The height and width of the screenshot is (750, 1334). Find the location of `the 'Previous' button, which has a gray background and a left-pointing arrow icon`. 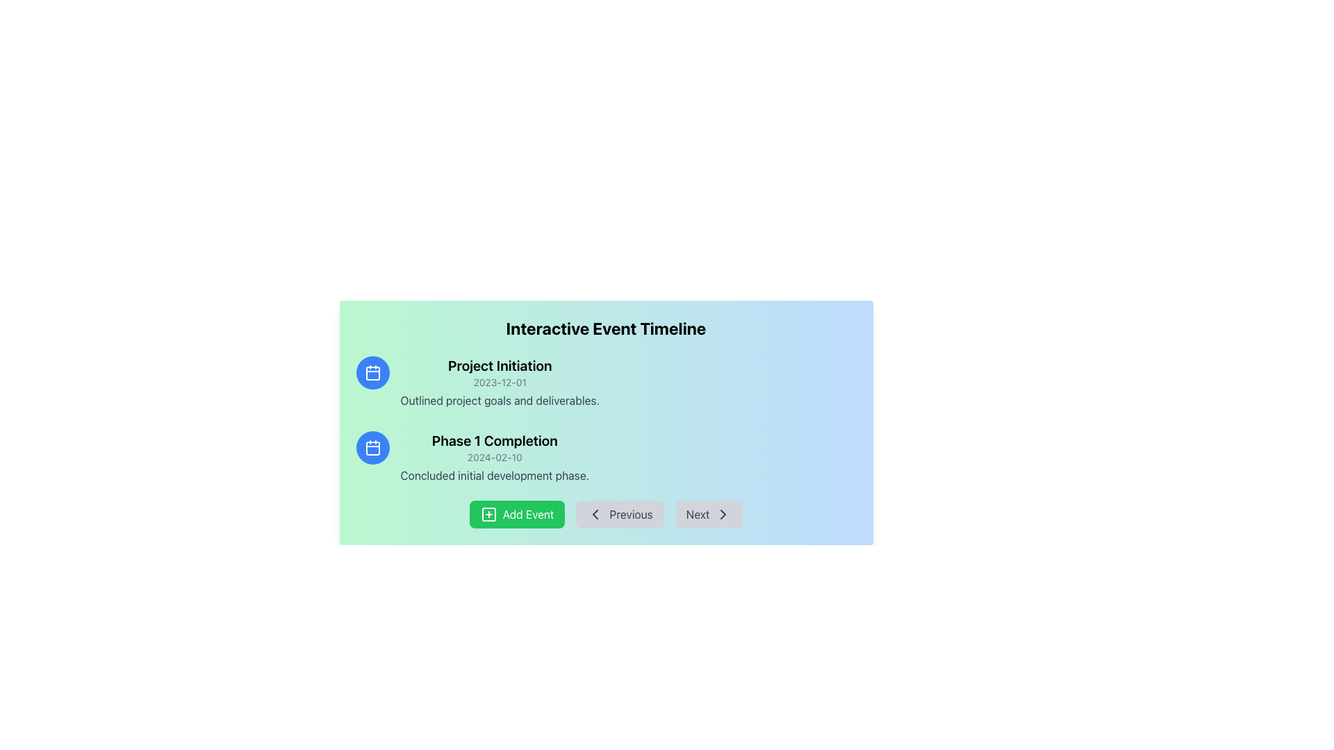

the 'Previous' button, which has a gray background and a left-pointing arrow icon is located at coordinates (606, 514).